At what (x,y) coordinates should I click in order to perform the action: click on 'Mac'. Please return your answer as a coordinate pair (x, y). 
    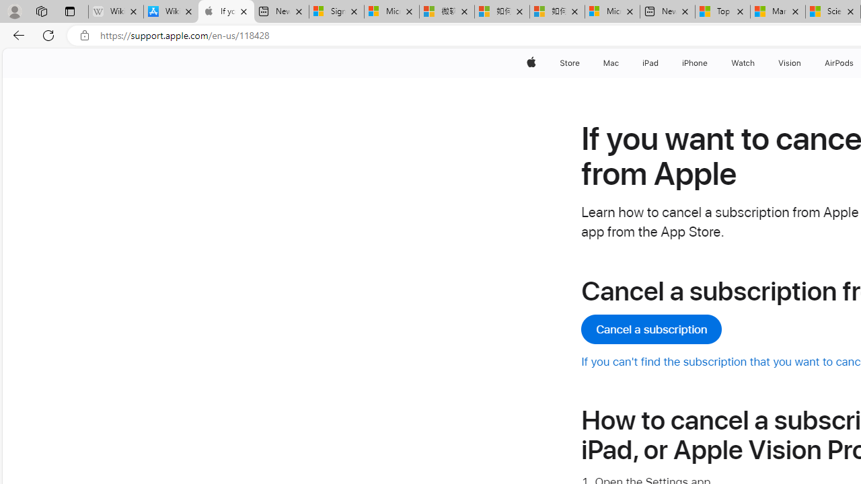
    Looking at the image, I should click on (610, 63).